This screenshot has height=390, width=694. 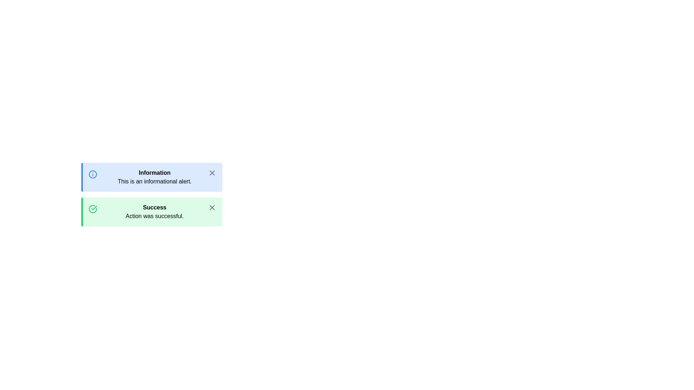 I want to click on the dismiss button shaped like an 'X' in the top-right corner of the green alert box labeled 'Success', so click(x=211, y=207).